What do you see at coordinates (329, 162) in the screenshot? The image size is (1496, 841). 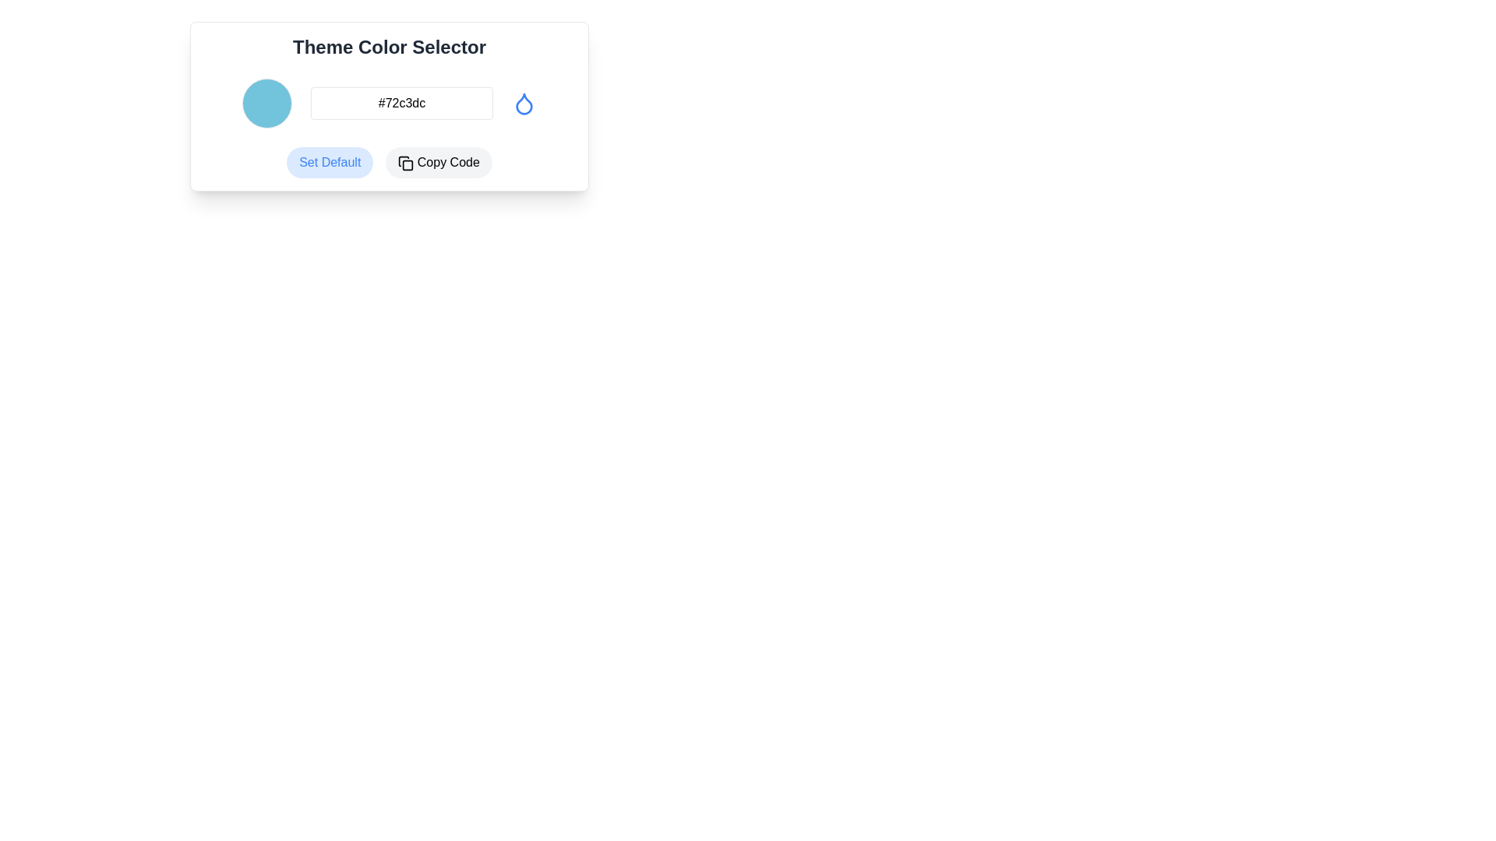 I see `the 'Set Default' button, which is a rectangular button with rounded corners and a light blue background` at bounding box center [329, 162].